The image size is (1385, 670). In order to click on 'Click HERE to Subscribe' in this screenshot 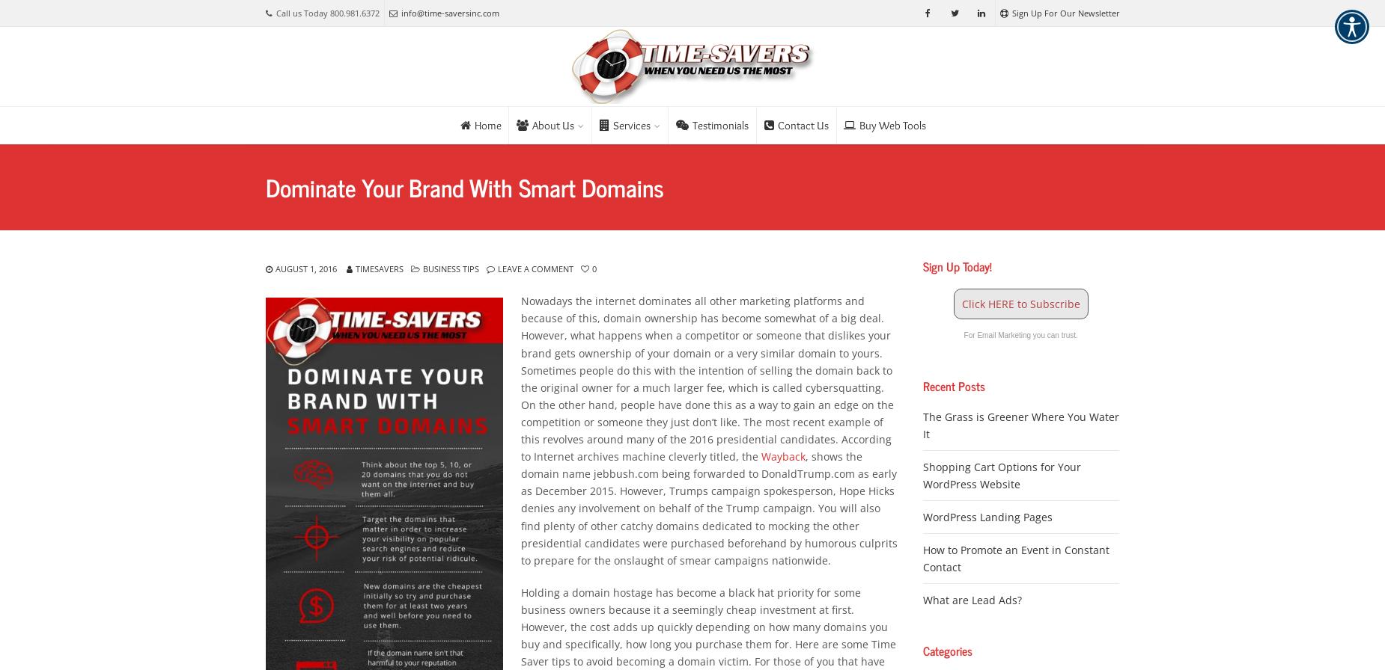, I will do `click(1020, 303)`.